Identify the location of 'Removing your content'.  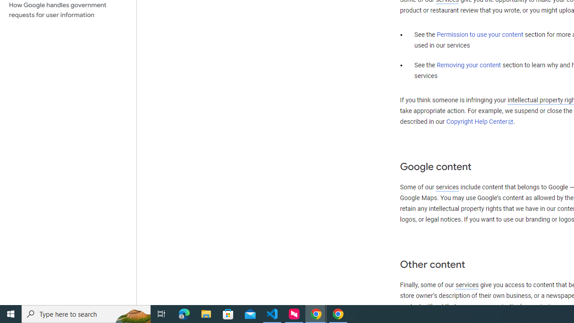
(468, 65).